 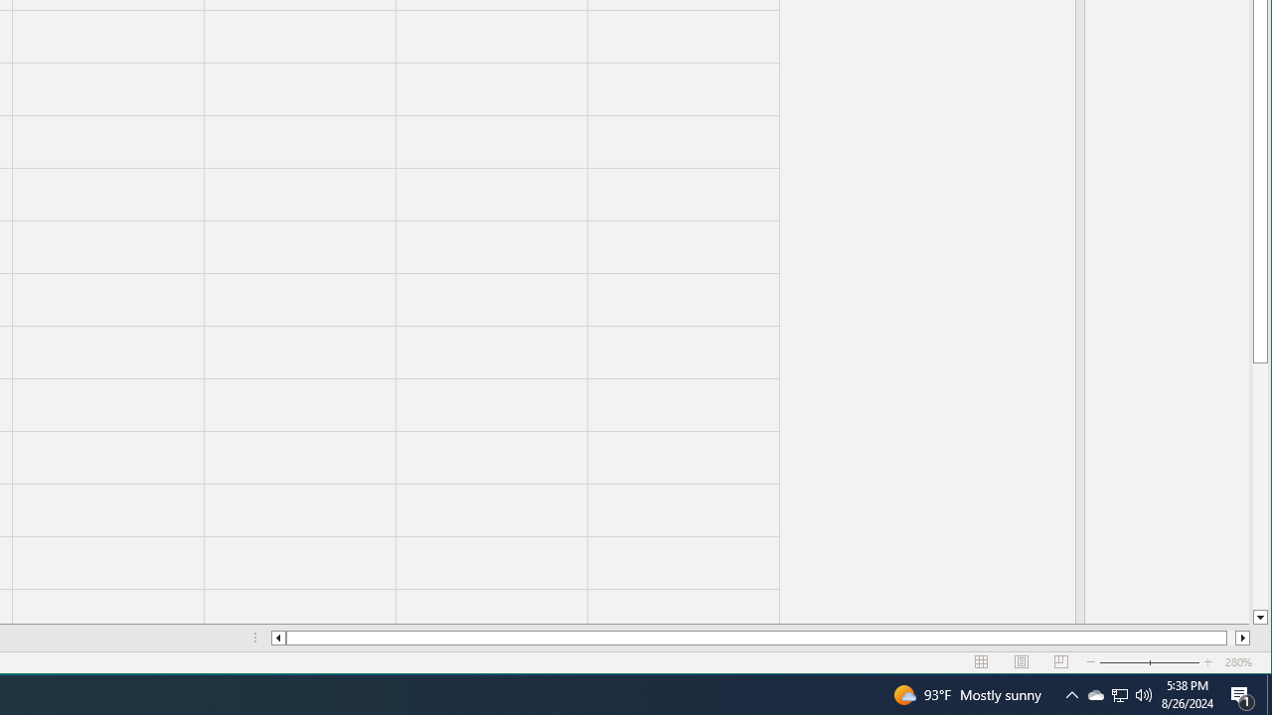 What do you see at coordinates (1242, 693) in the screenshot?
I see `'Action Center, 1 new notification'` at bounding box center [1242, 693].